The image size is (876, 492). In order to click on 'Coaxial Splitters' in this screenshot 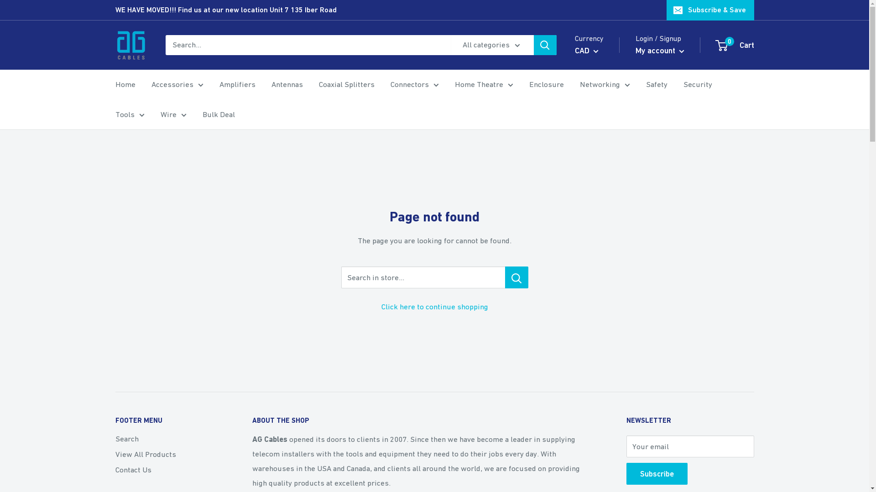, I will do `click(345, 84)`.